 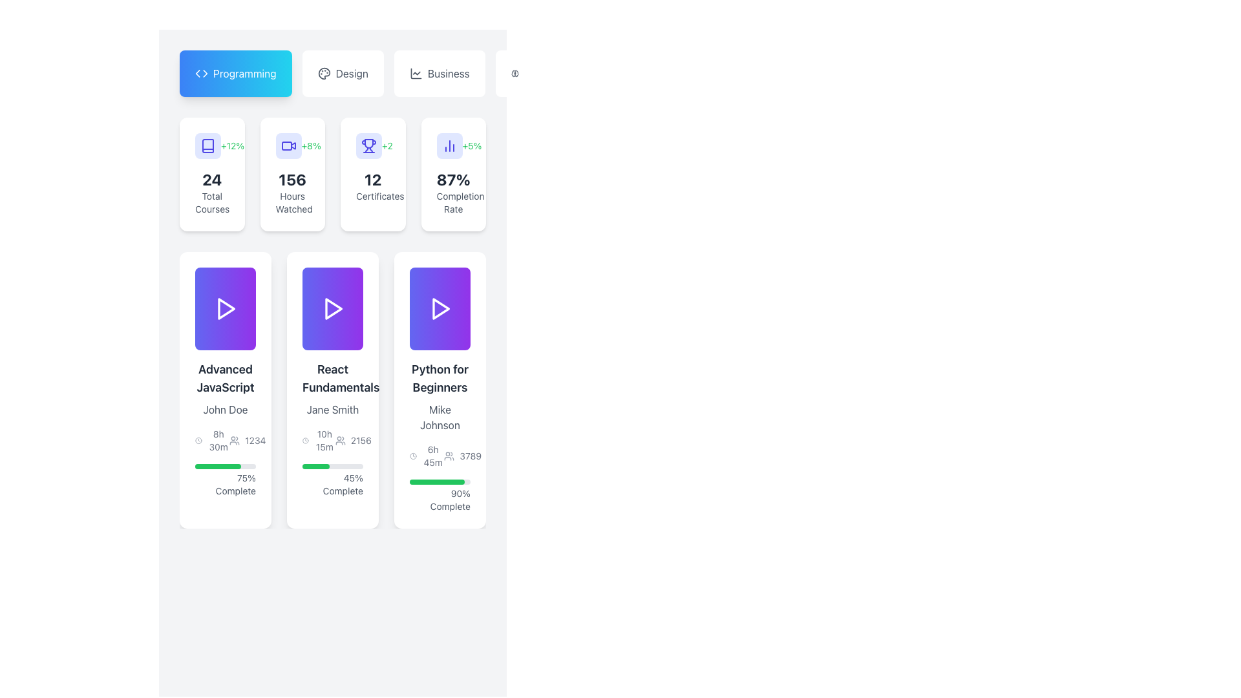 What do you see at coordinates (332, 484) in the screenshot?
I see `the static text that reads '45% Complete', which is styled in a smaller gray font and located below the green progress bar within the second card under the 'React Fundamentals' section` at bounding box center [332, 484].